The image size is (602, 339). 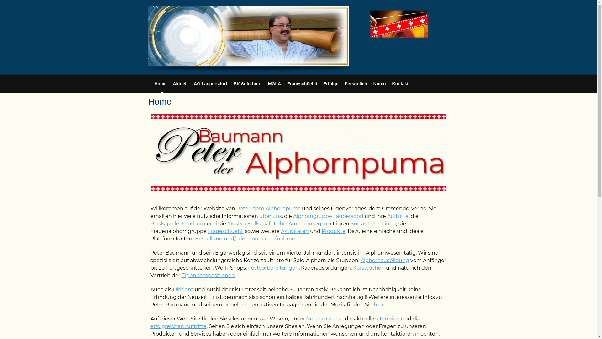 What do you see at coordinates (268, 208) in the screenshot?
I see `'Peter, dem Alphornpuma'` at bounding box center [268, 208].